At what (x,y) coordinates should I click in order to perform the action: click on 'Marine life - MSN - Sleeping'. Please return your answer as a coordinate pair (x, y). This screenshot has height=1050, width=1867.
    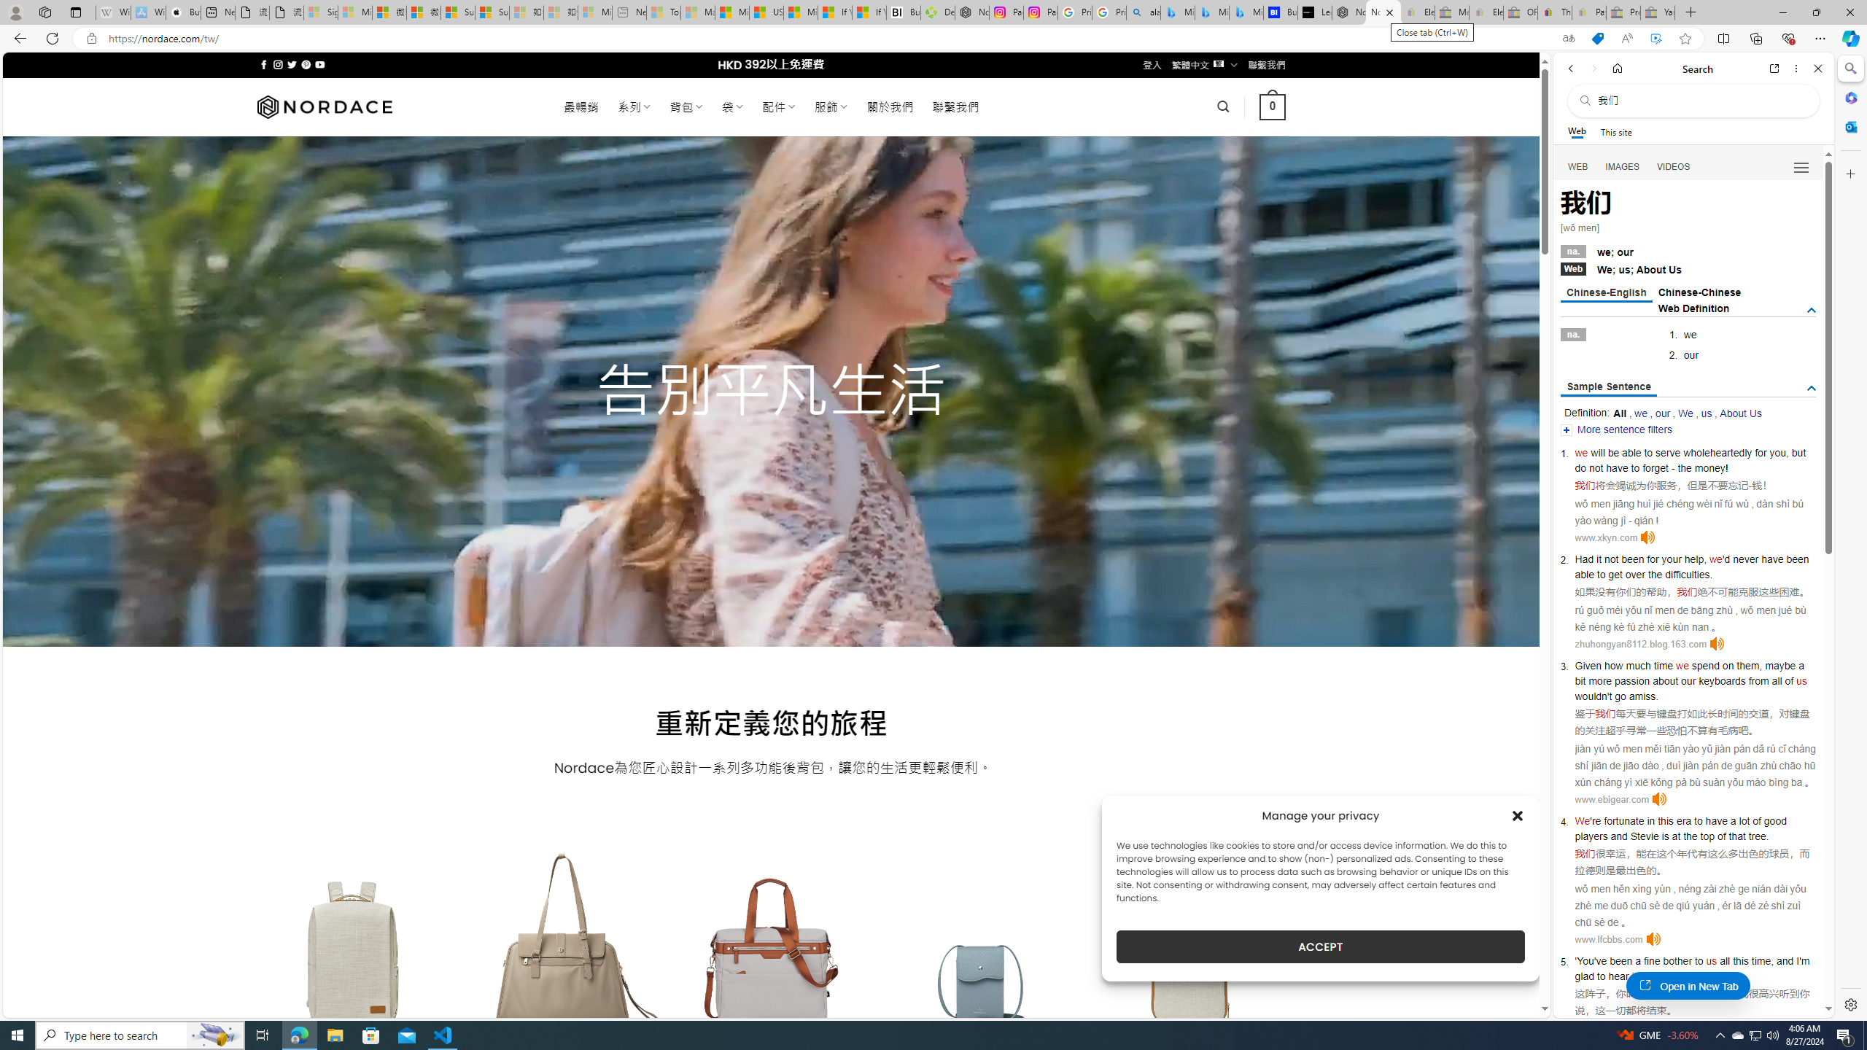
    Looking at the image, I should click on (696, 12).